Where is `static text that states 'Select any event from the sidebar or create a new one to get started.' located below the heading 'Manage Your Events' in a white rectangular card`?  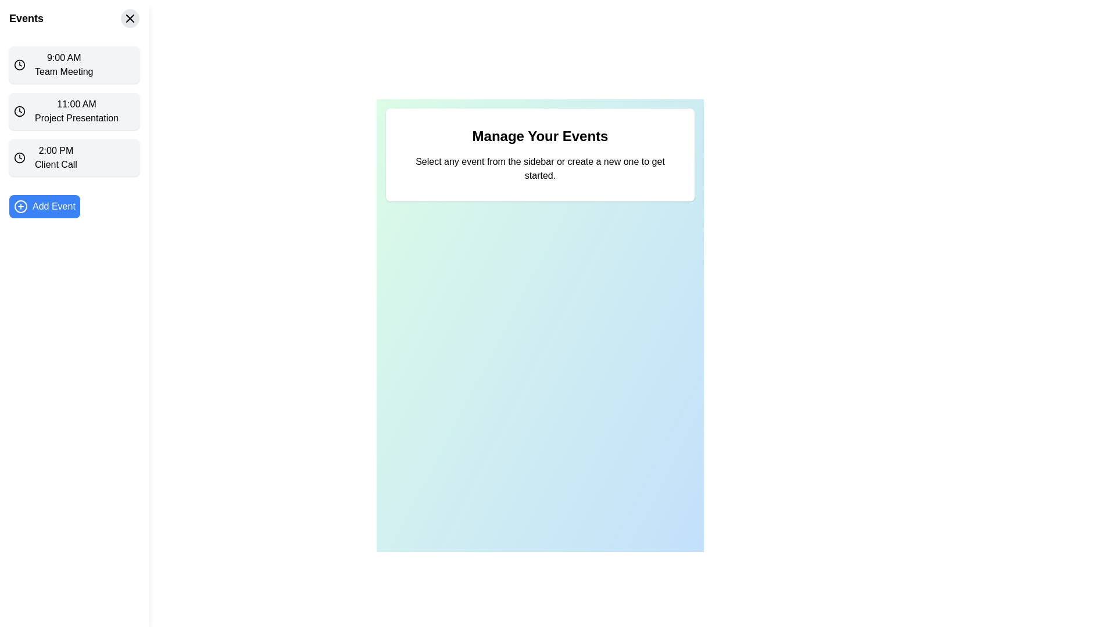
static text that states 'Select any event from the sidebar or create a new one to get started.' located below the heading 'Manage Your Events' in a white rectangular card is located at coordinates (539, 168).